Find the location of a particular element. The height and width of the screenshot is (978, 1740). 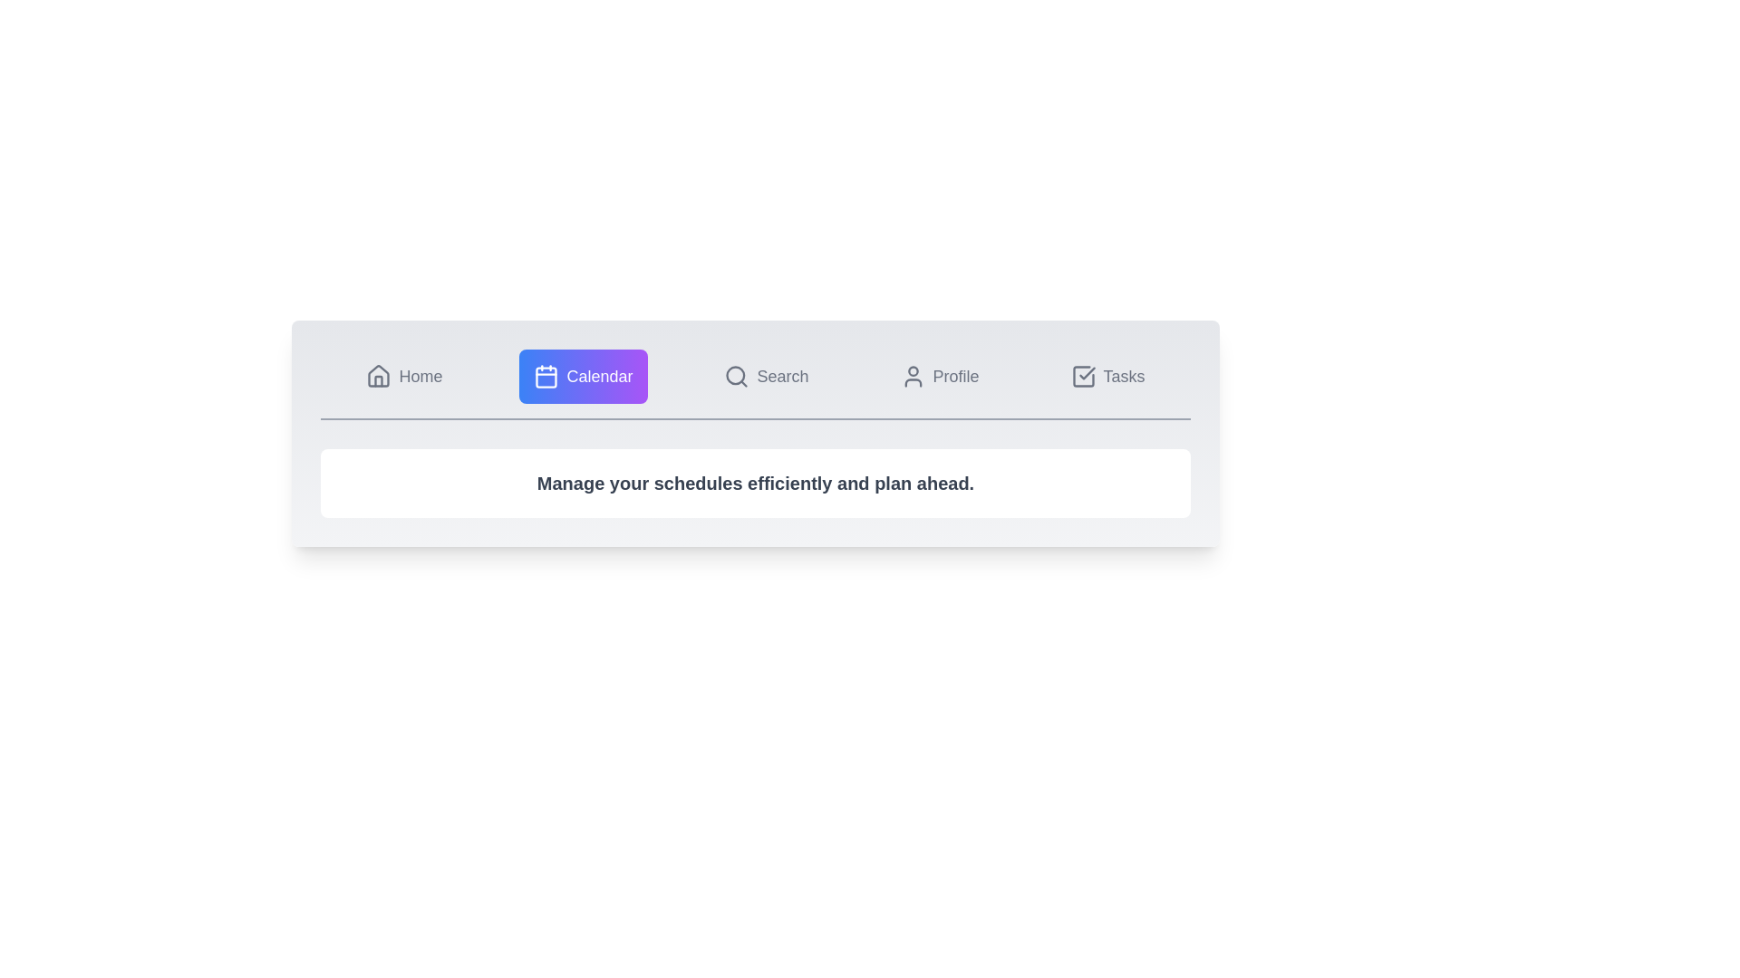

the tab labeled Tasks to observe its hover effect is located at coordinates (1107, 376).